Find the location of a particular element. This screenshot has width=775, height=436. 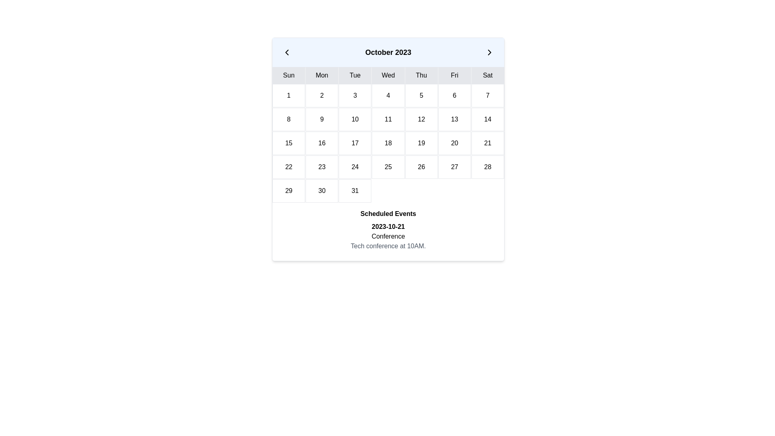

the navigation icon for moving to the next month in the calendar, located at the top-right corner of the calendar header, adjacent to the month and year display (October 2023) is located at coordinates (489, 52).